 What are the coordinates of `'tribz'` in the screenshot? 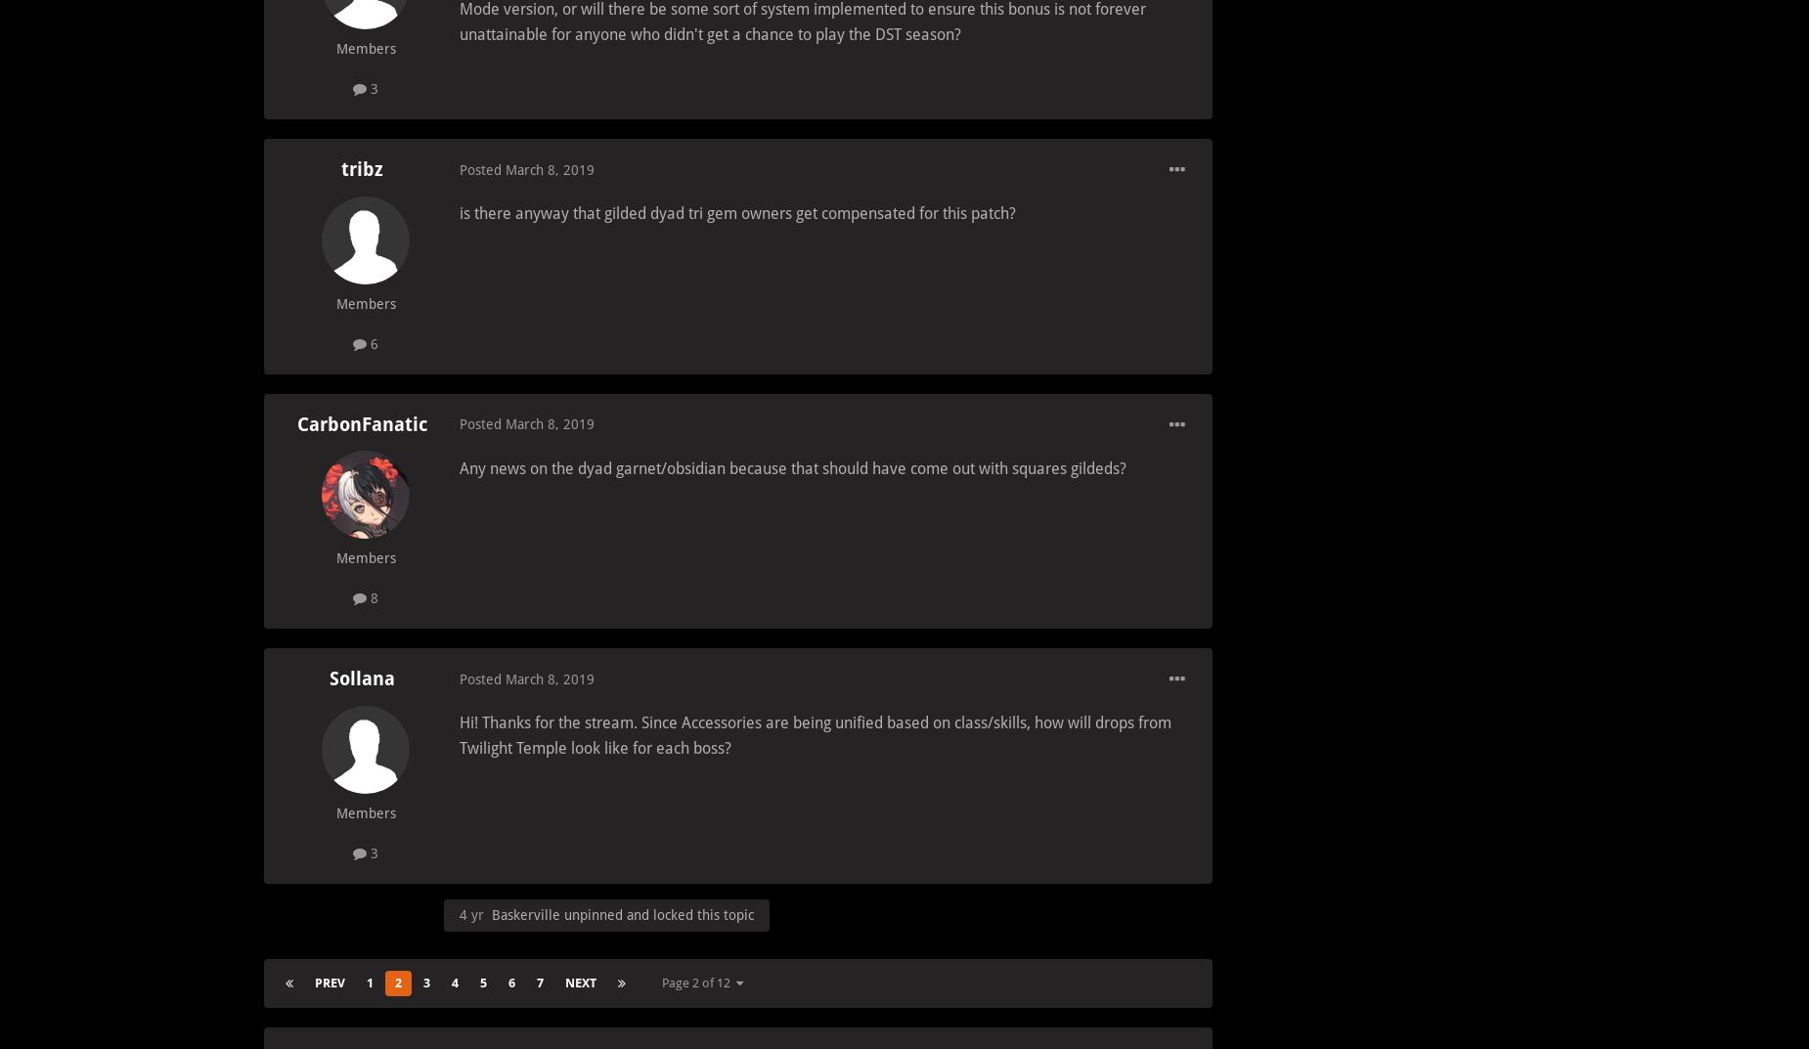 It's located at (338, 168).